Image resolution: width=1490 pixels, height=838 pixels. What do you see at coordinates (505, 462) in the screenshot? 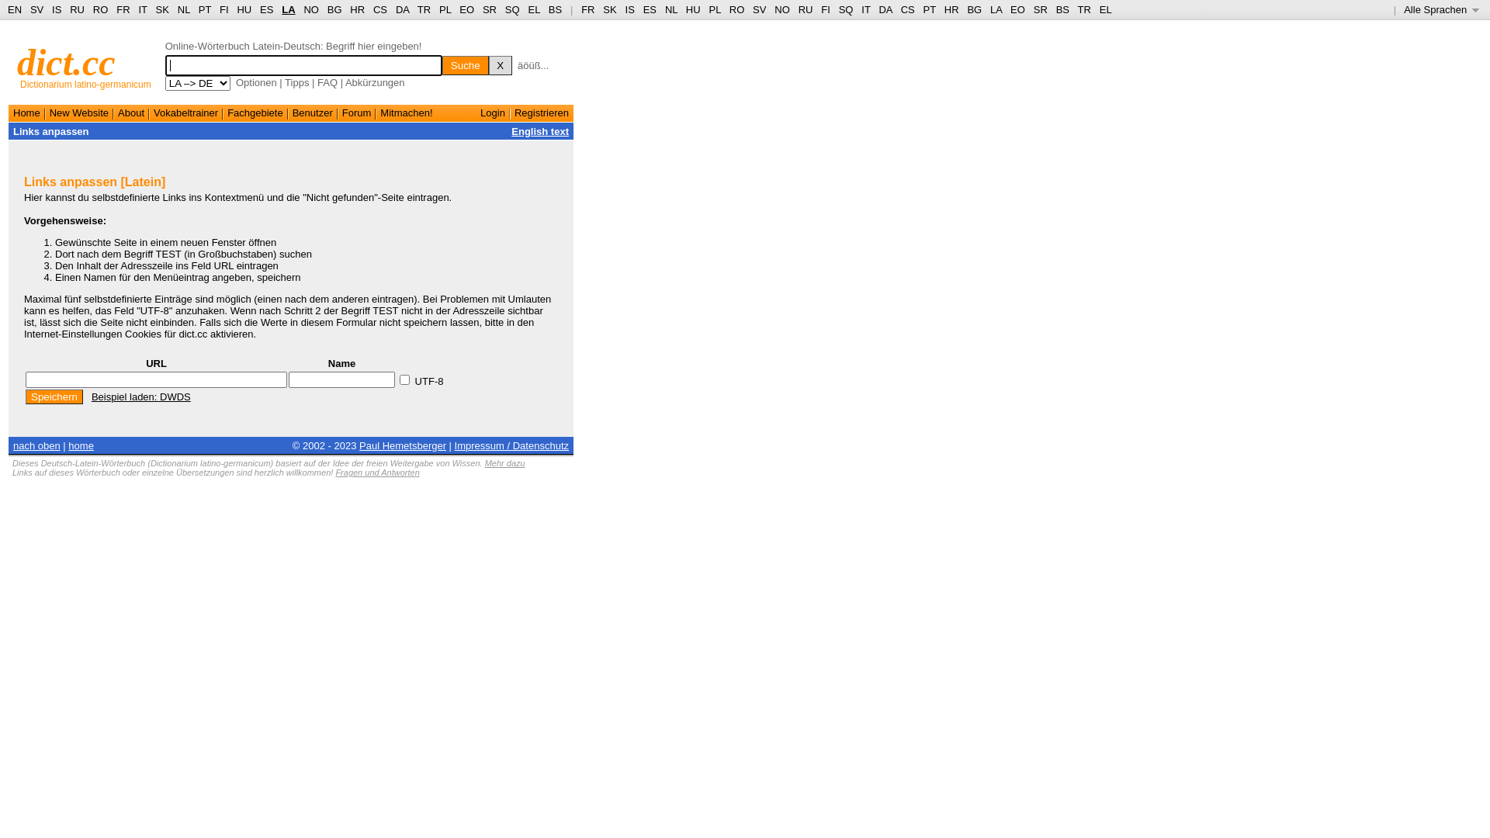
I see `'Mehr dazu'` at bounding box center [505, 462].